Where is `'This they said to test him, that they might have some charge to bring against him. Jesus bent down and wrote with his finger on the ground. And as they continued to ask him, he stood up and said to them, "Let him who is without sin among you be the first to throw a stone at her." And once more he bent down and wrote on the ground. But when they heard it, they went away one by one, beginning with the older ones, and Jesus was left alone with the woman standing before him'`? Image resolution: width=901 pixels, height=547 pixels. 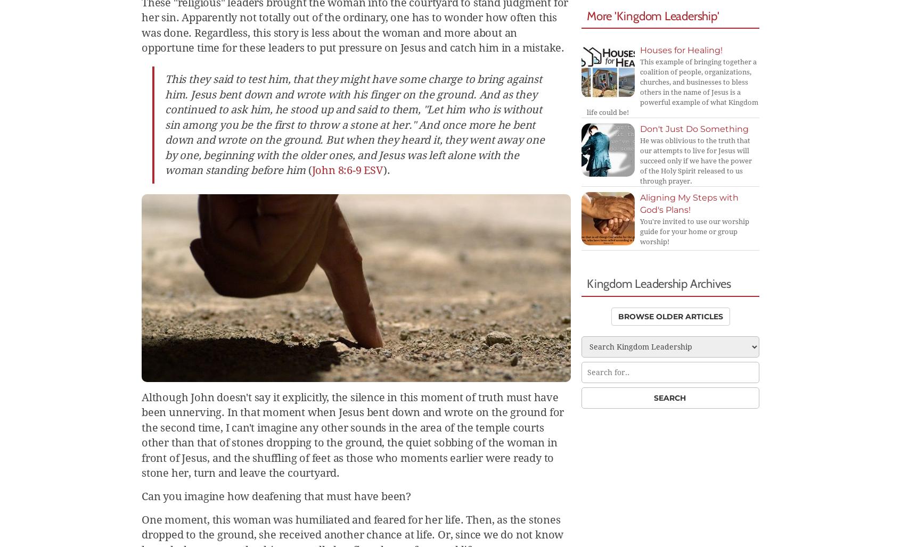
'This they said to test him, that they might have some charge to bring against him. Jesus bent down and wrote with his finger on the ground. And as they continued to ask him, he stood up and said to them, "Let him who is without sin among you be the first to throw a stone at her." And once more he bent down and wrote on the ground. But when they heard it, they went away one by one, beginning with the older ones, and Jesus was left alone with the woman standing before him' is located at coordinates (354, 124).